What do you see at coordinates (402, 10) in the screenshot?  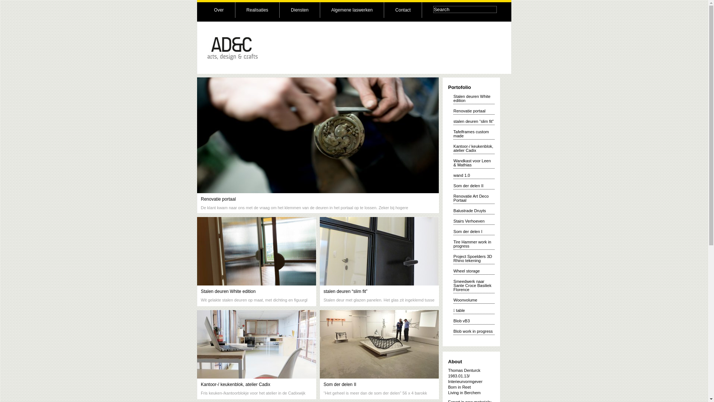 I see `'Contact'` at bounding box center [402, 10].